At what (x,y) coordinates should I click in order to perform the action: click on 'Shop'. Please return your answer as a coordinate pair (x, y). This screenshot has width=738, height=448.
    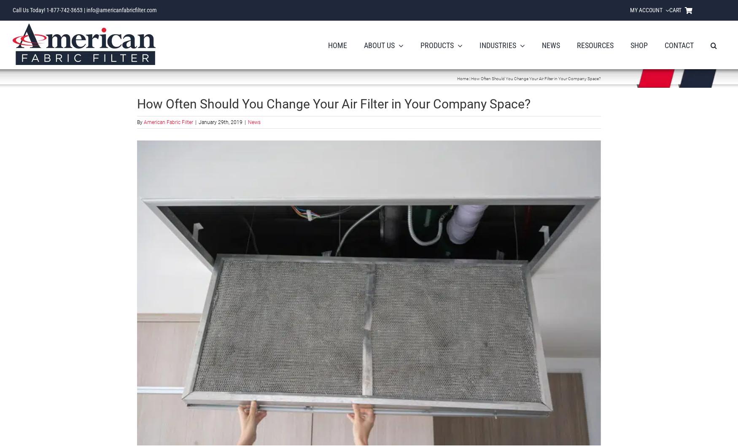
    Looking at the image, I should click on (630, 45).